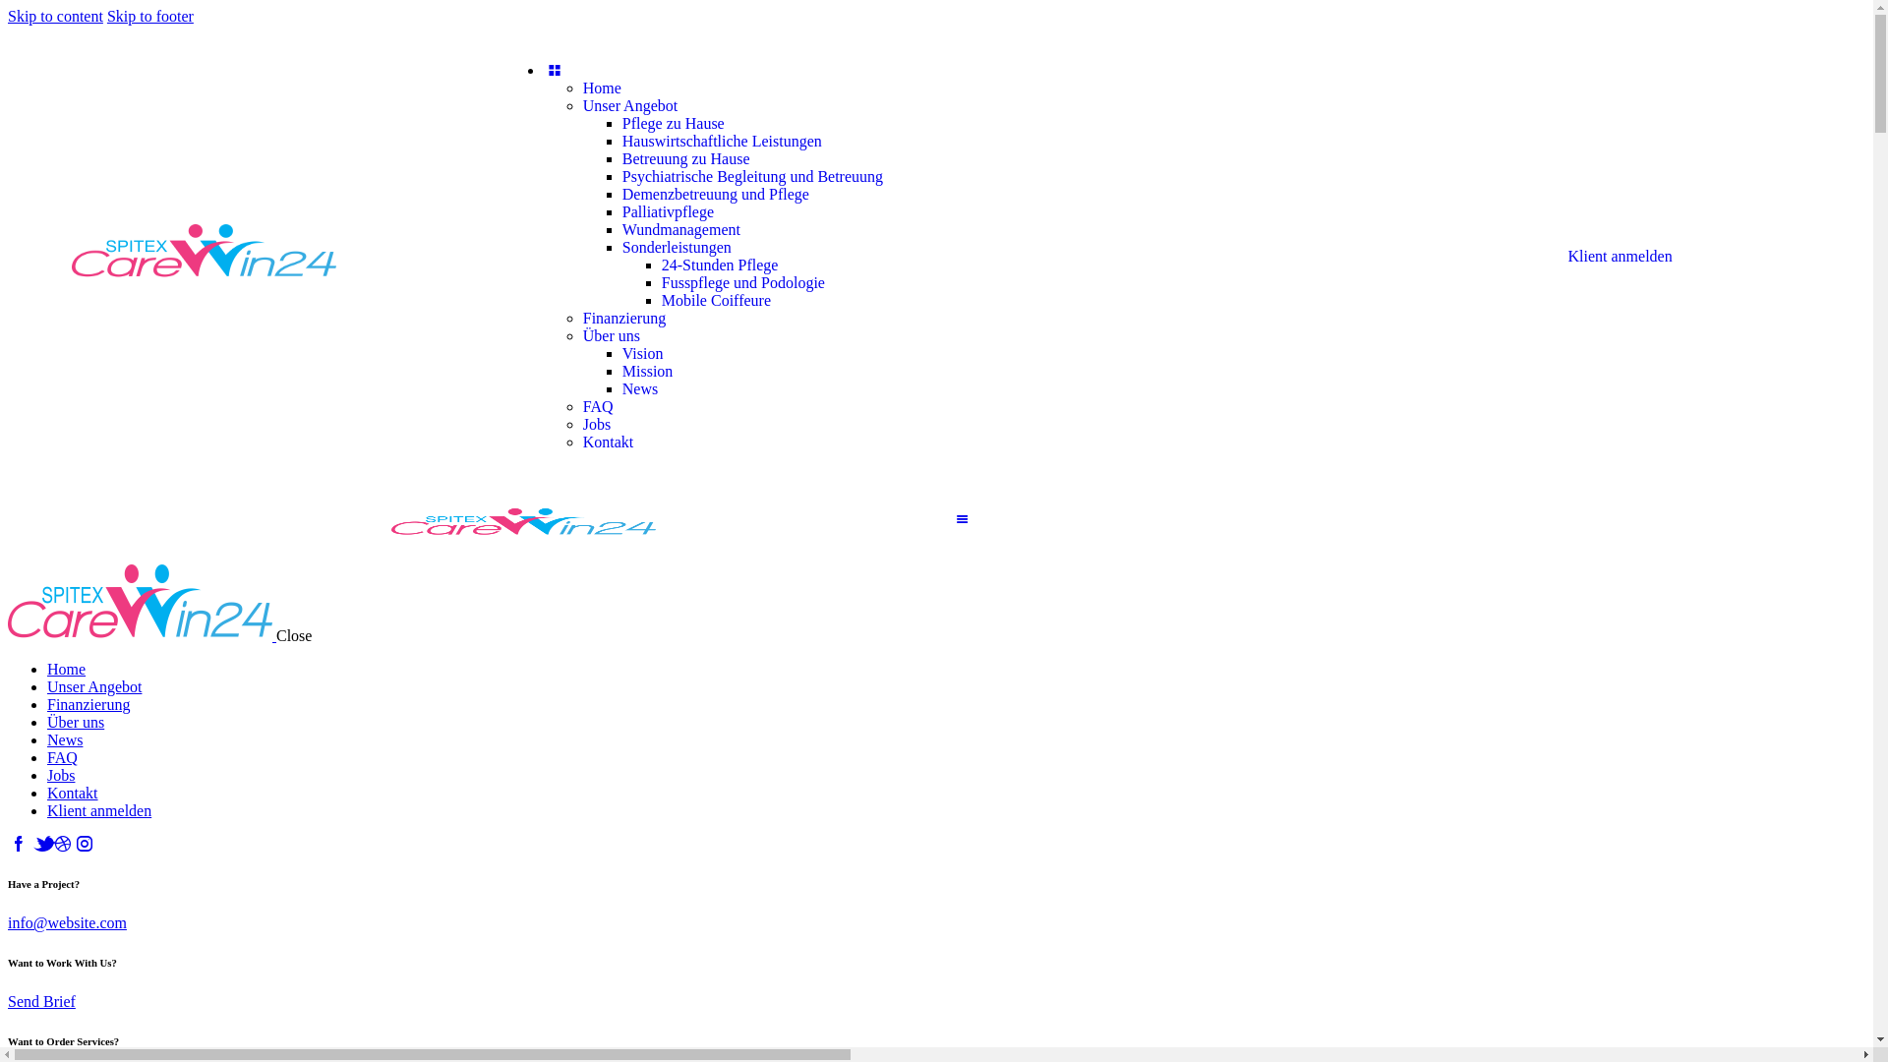 This screenshot has width=1888, height=1062. What do you see at coordinates (677, 246) in the screenshot?
I see `'Sonderleistungen'` at bounding box center [677, 246].